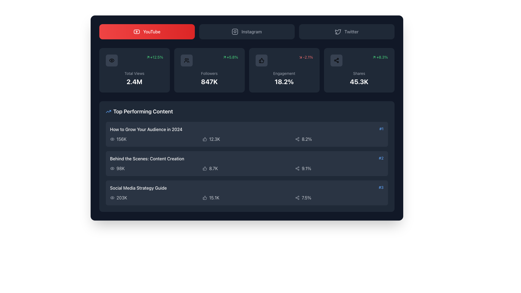 The width and height of the screenshot is (521, 293). I want to click on the arrow icon representing a negative trend, which is part of a box displaying the percentage '-2.1%' in the second row and third column of the dashboard grid, so click(300, 57).